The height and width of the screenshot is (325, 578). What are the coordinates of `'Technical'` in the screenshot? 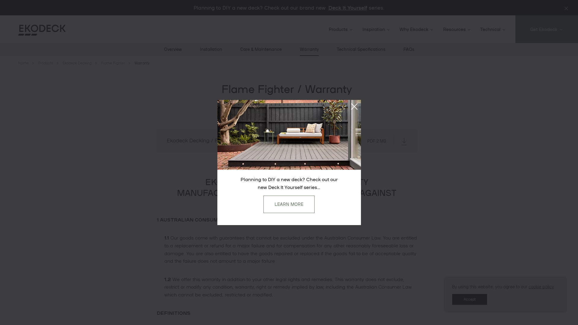 It's located at (493, 29).